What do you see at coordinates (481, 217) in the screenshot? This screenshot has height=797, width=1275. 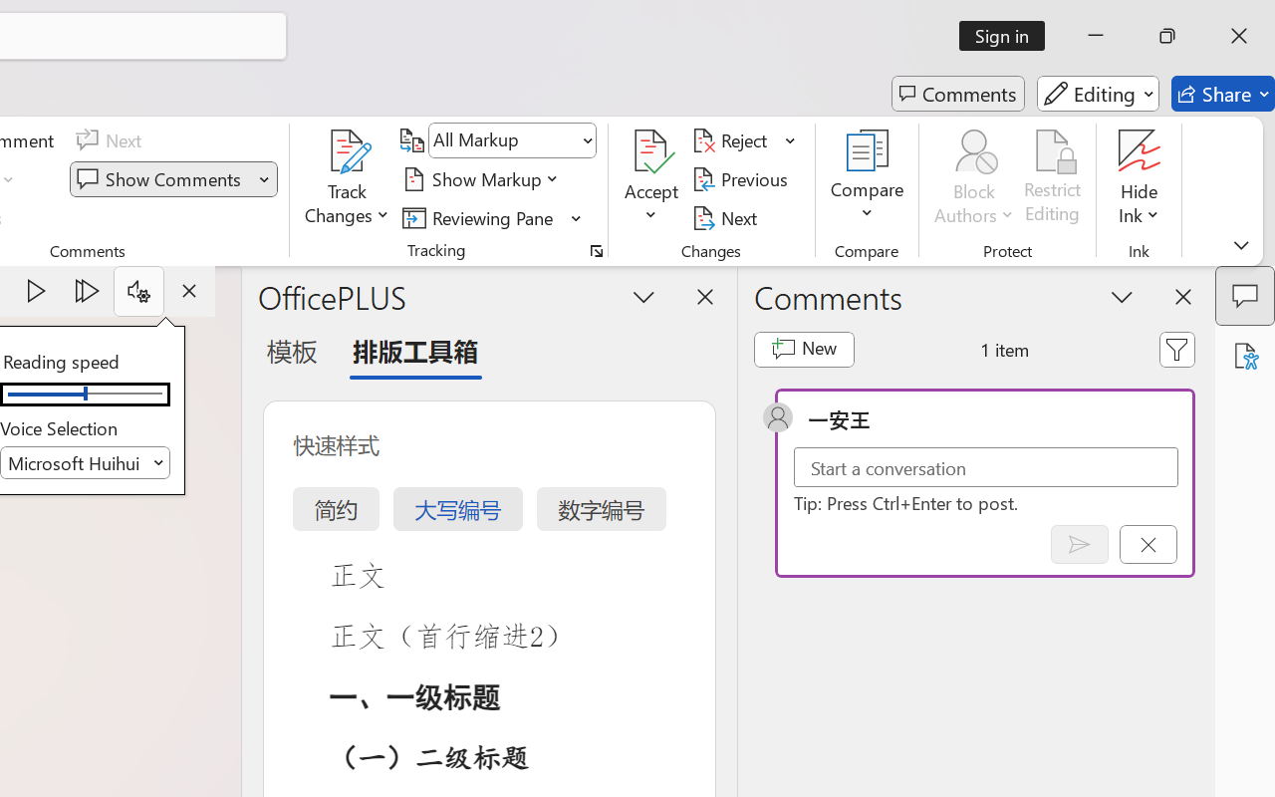 I see `'Reviewing Pane'` at bounding box center [481, 217].